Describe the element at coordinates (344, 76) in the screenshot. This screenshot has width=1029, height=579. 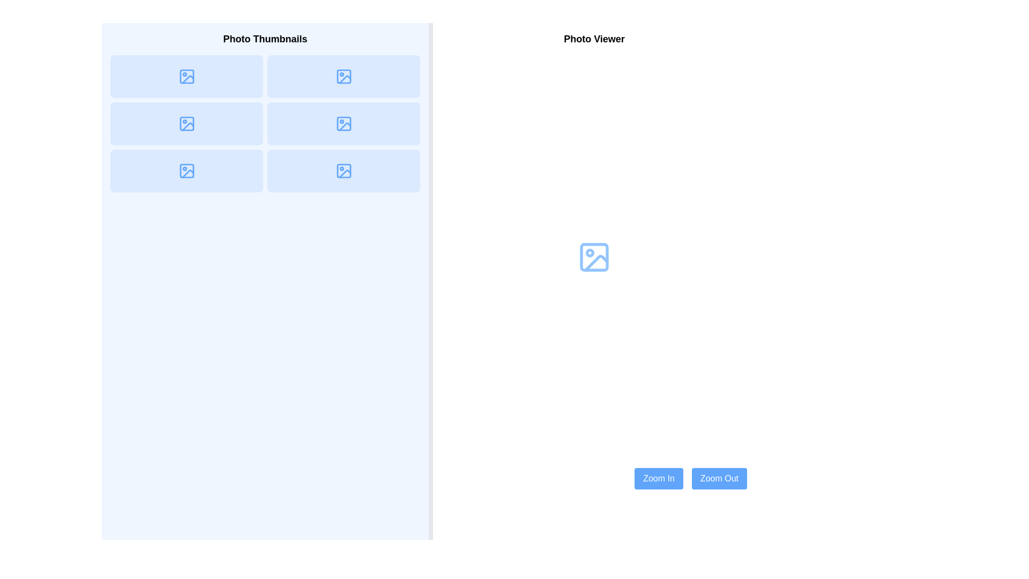
I see `the small, square decorative shape located at the top-left corner of the icon-like rectangle in the second thumbnail of the first row in the 'Photo Thumbnails' panel` at that location.